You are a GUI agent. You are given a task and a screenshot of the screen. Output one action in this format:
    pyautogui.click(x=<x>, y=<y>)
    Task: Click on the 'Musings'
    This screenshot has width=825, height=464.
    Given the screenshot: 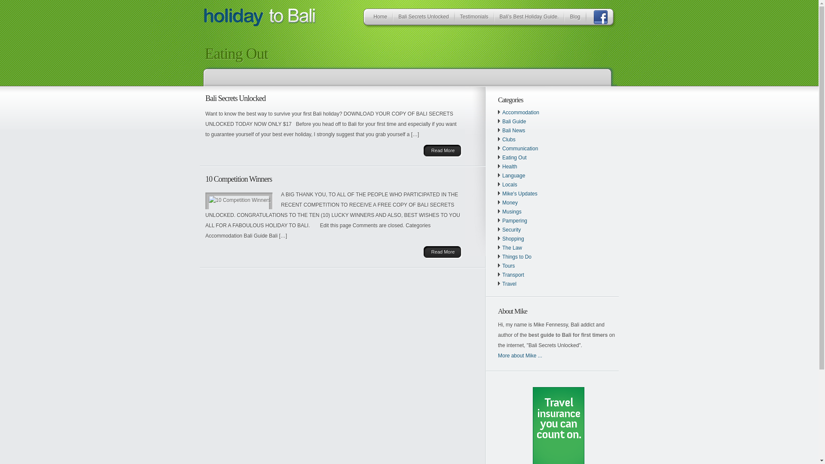 What is the action you would take?
    pyautogui.click(x=512, y=212)
    